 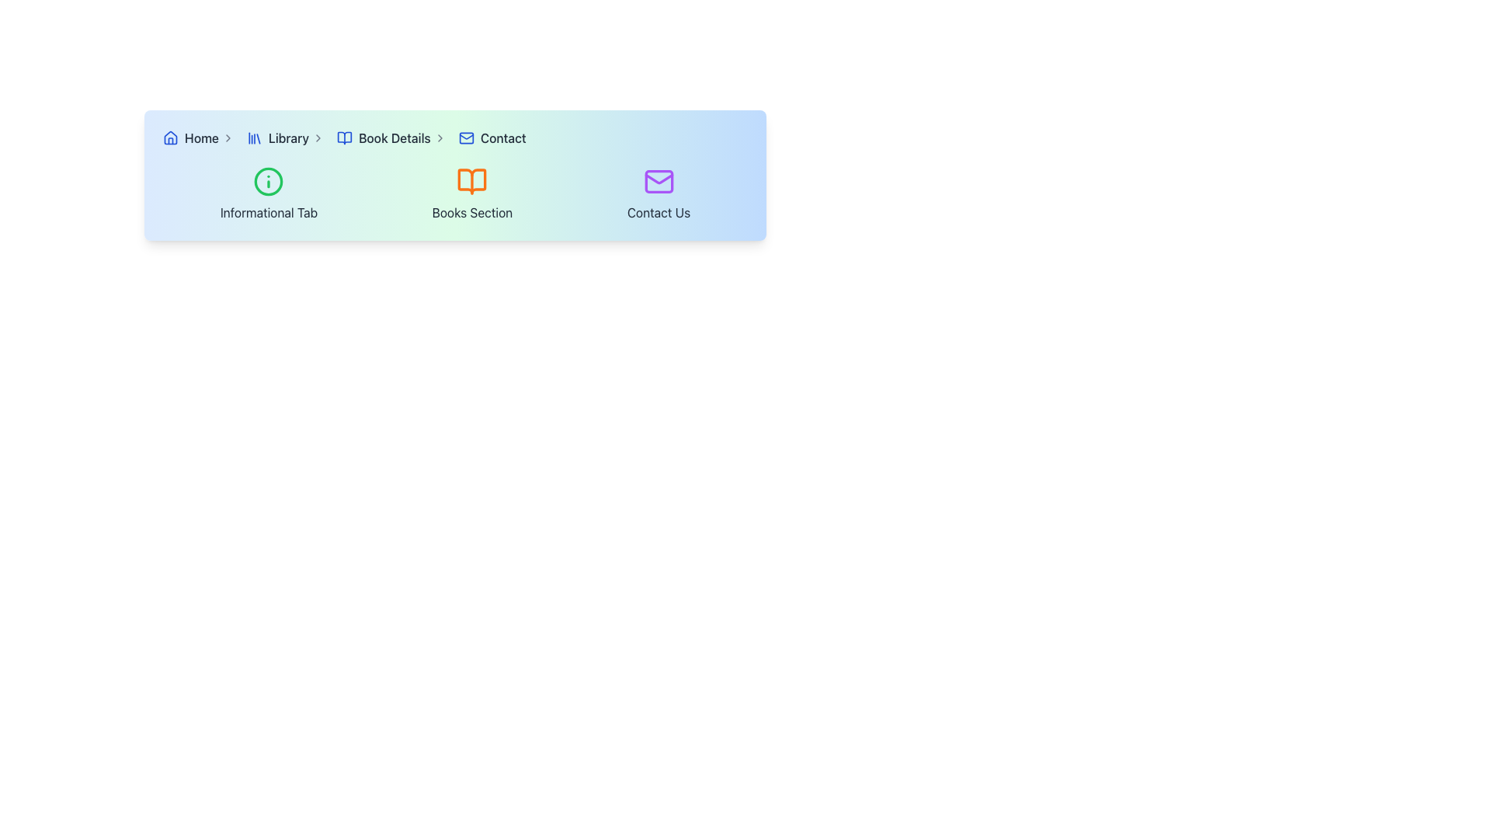 I want to click on the 'Book Details' breadcrumb link with a blue icon, so click(x=393, y=137).